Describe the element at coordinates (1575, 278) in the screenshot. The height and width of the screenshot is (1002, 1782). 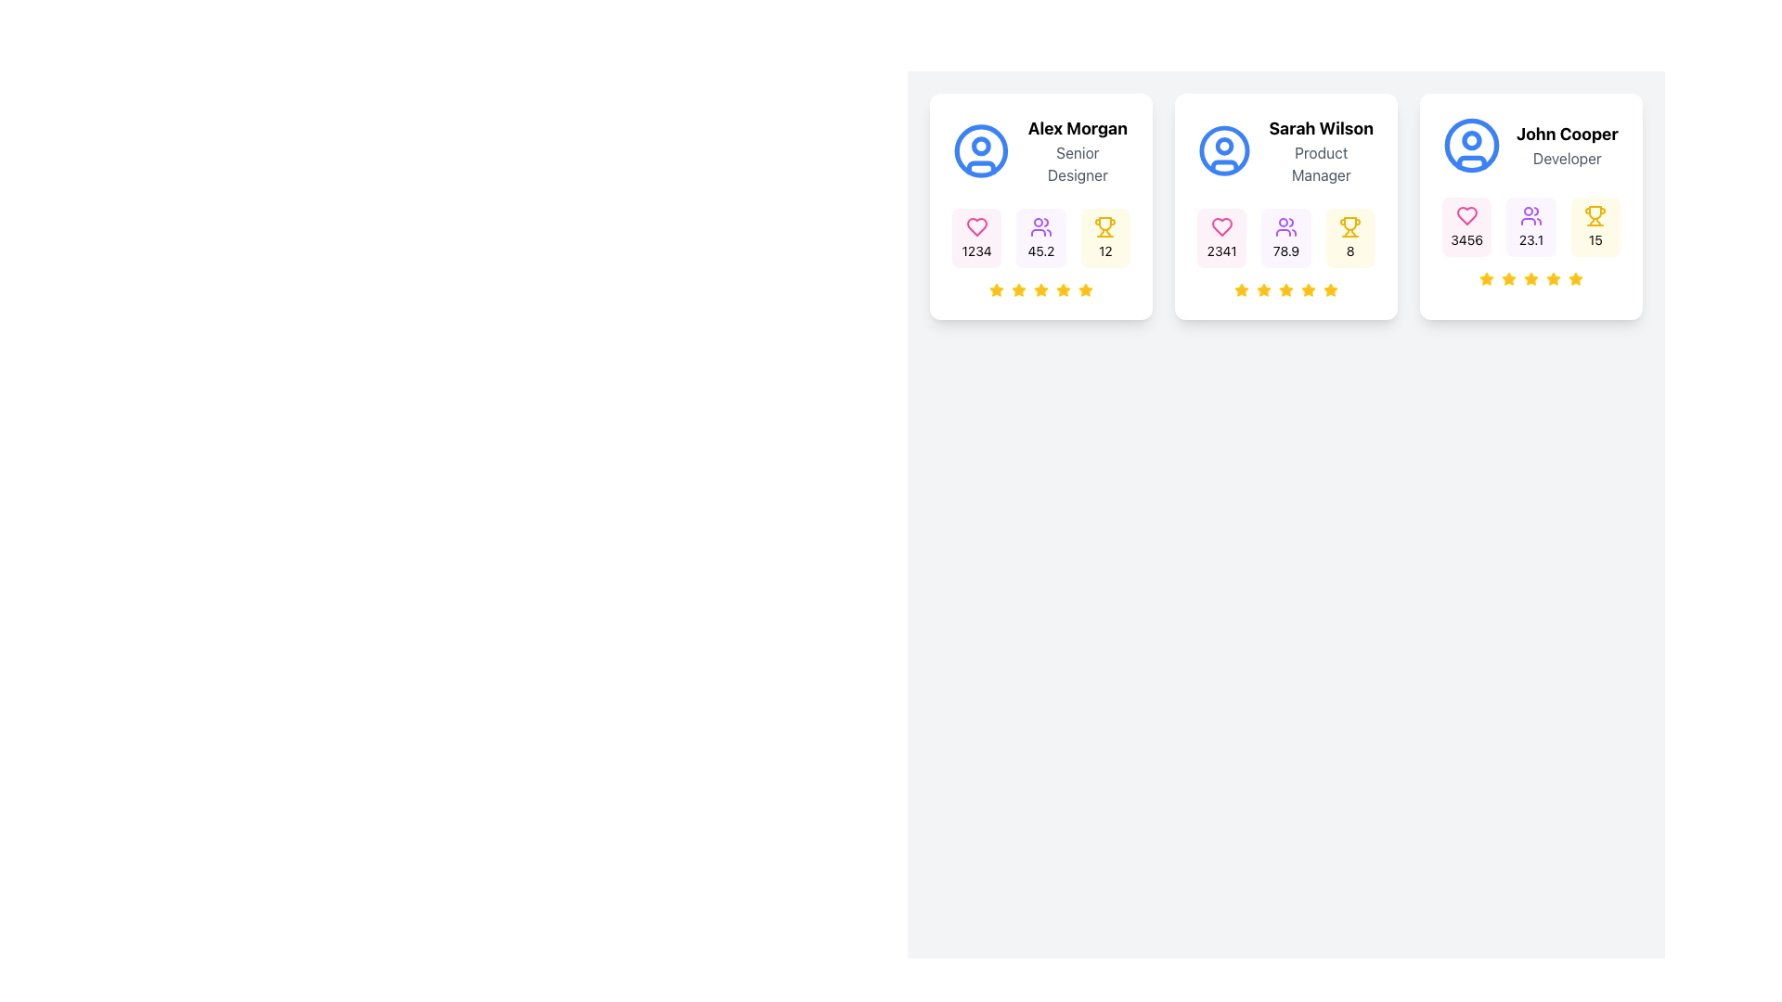
I see `the fifth star icon in the rating component under the profile card labeled 'John Cooper' to rate it` at that location.